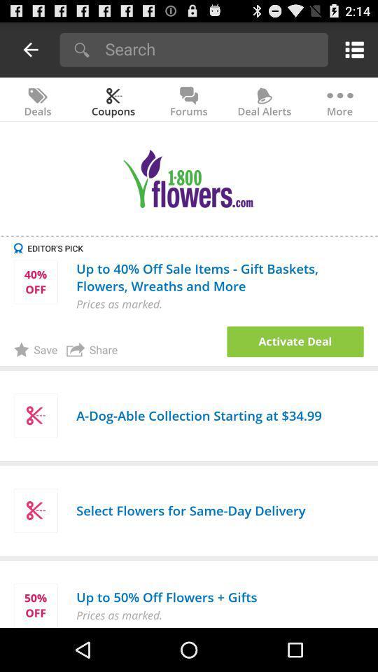 The image size is (378, 672). I want to click on app above up to 40, so click(195, 248).